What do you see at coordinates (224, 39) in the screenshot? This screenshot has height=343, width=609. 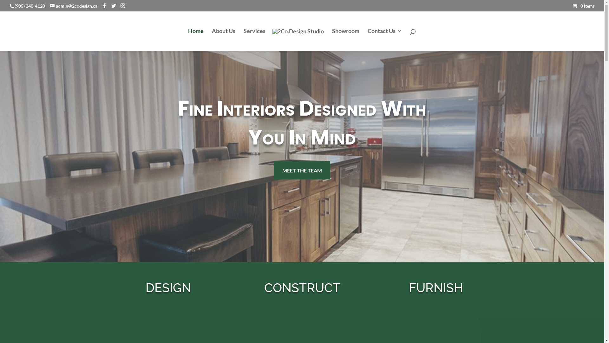 I see `'About Us'` at bounding box center [224, 39].